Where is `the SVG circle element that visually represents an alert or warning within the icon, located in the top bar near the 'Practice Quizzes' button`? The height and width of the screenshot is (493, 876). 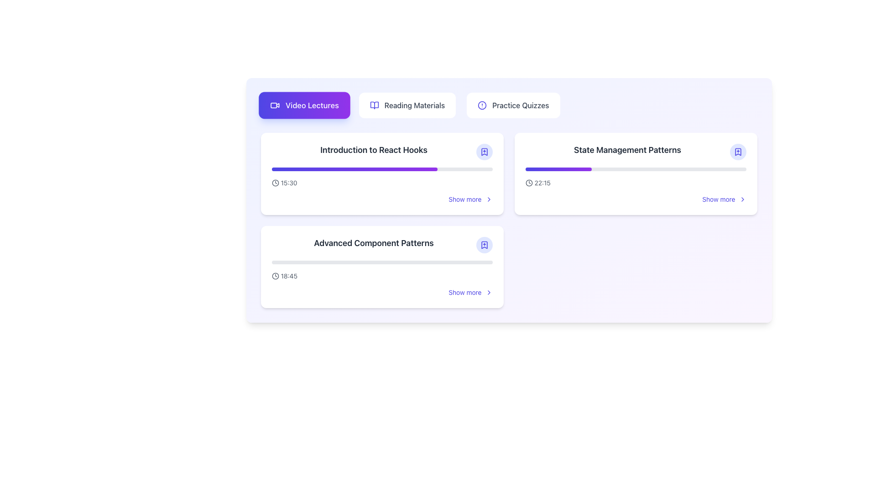 the SVG circle element that visually represents an alert or warning within the icon, located in the top bar near the 'Practice Quizzes' button is located at coordinates (482, 105).